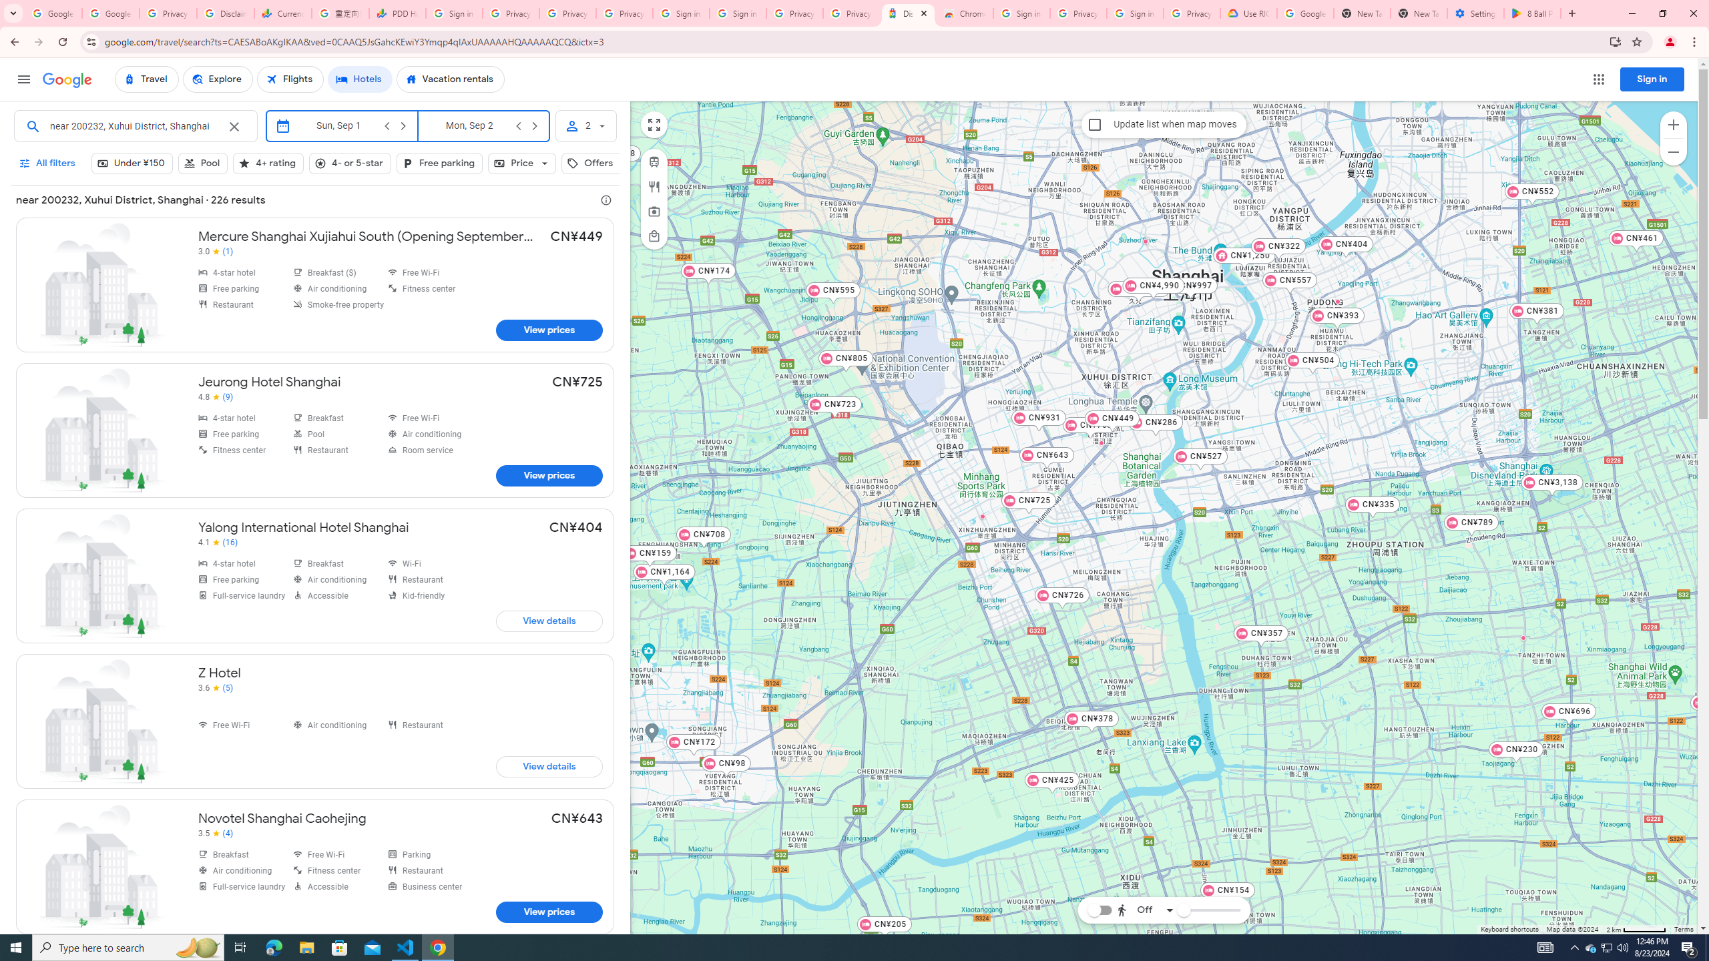  I want to click on 'Check-in', so click(337, 125).